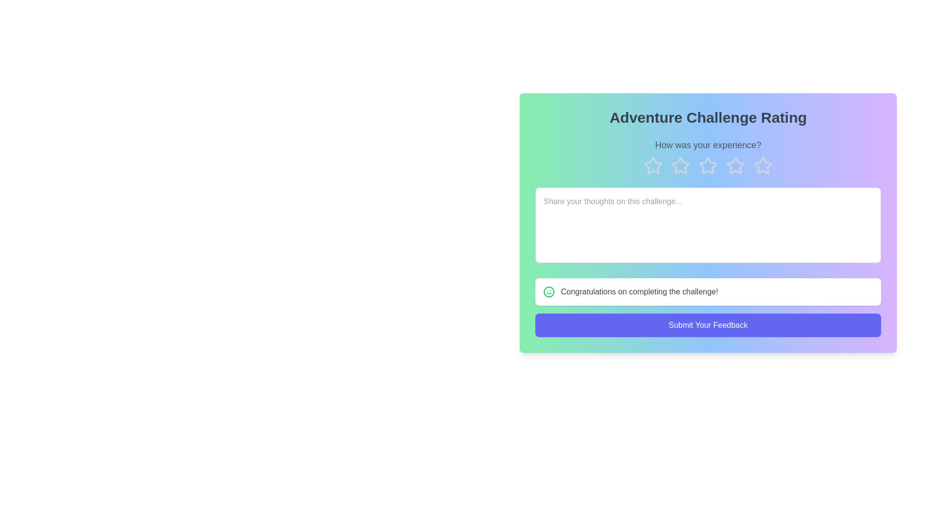 The width and height of the screenshot is (943, 530). Describe the element at coordinates (680, 165) in the screenshot. I see `the second star icon in the five-star rating system` at that location.